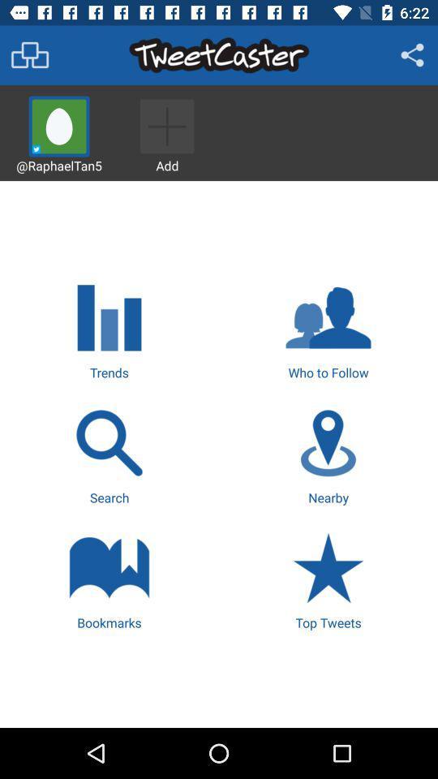 The width and height of the screenshot is (438, 779). I want to click on the trends item, so click(109, 328).